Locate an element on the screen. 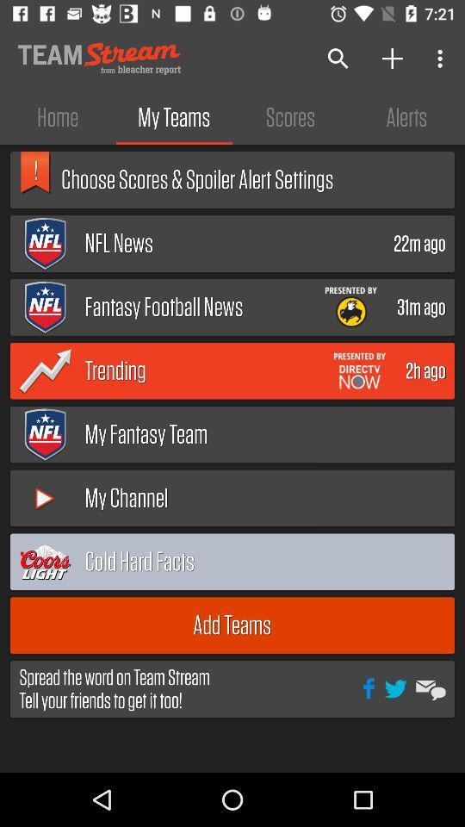  open advertisement is located at coordinates (358, 370).